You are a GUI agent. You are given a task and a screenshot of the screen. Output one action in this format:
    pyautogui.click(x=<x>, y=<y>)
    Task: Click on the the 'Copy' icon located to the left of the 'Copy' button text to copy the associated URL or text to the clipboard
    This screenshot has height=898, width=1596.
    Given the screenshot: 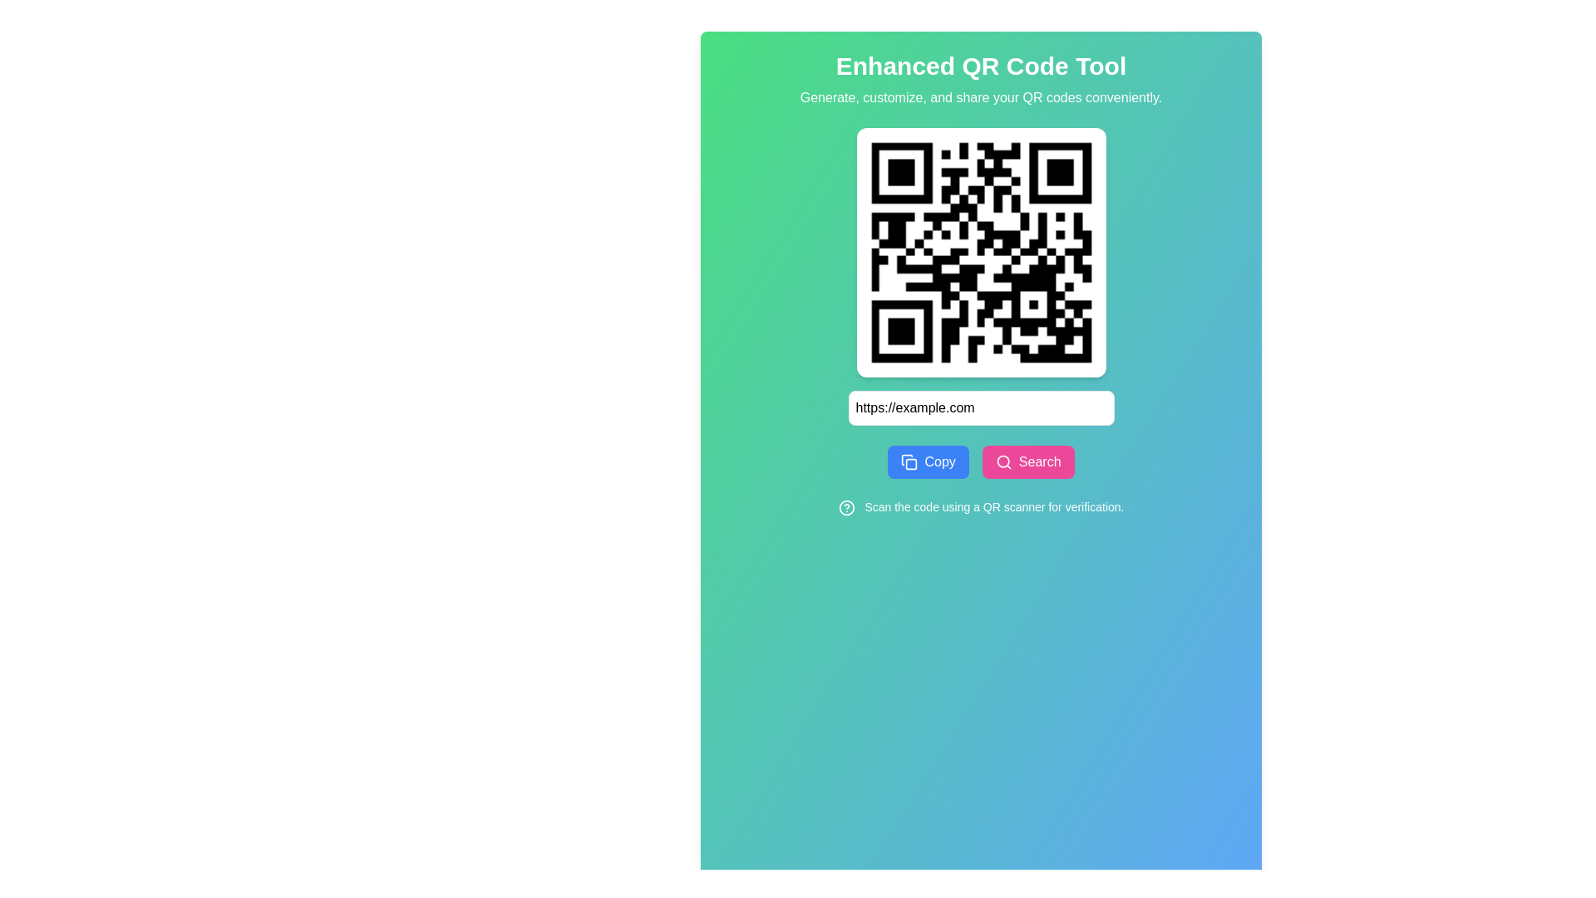 What is the action you would take?
    pyautogui.click(x=909, y=461)
    